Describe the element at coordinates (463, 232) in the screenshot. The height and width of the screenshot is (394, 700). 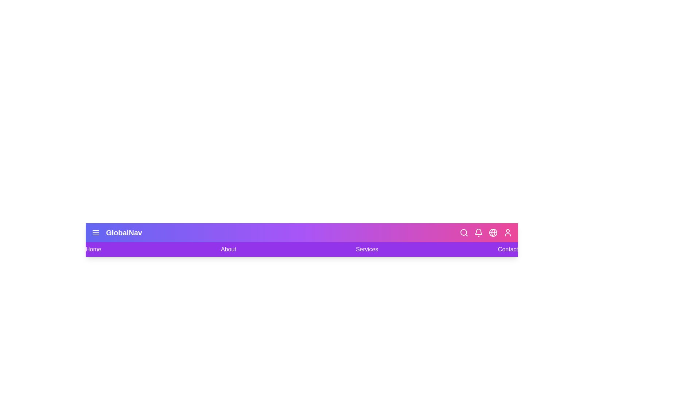
I see `the Search icon` at that location.